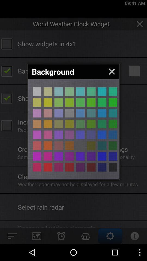 The image size is (147, 261). I want to click on orange background, so click(91, 156).